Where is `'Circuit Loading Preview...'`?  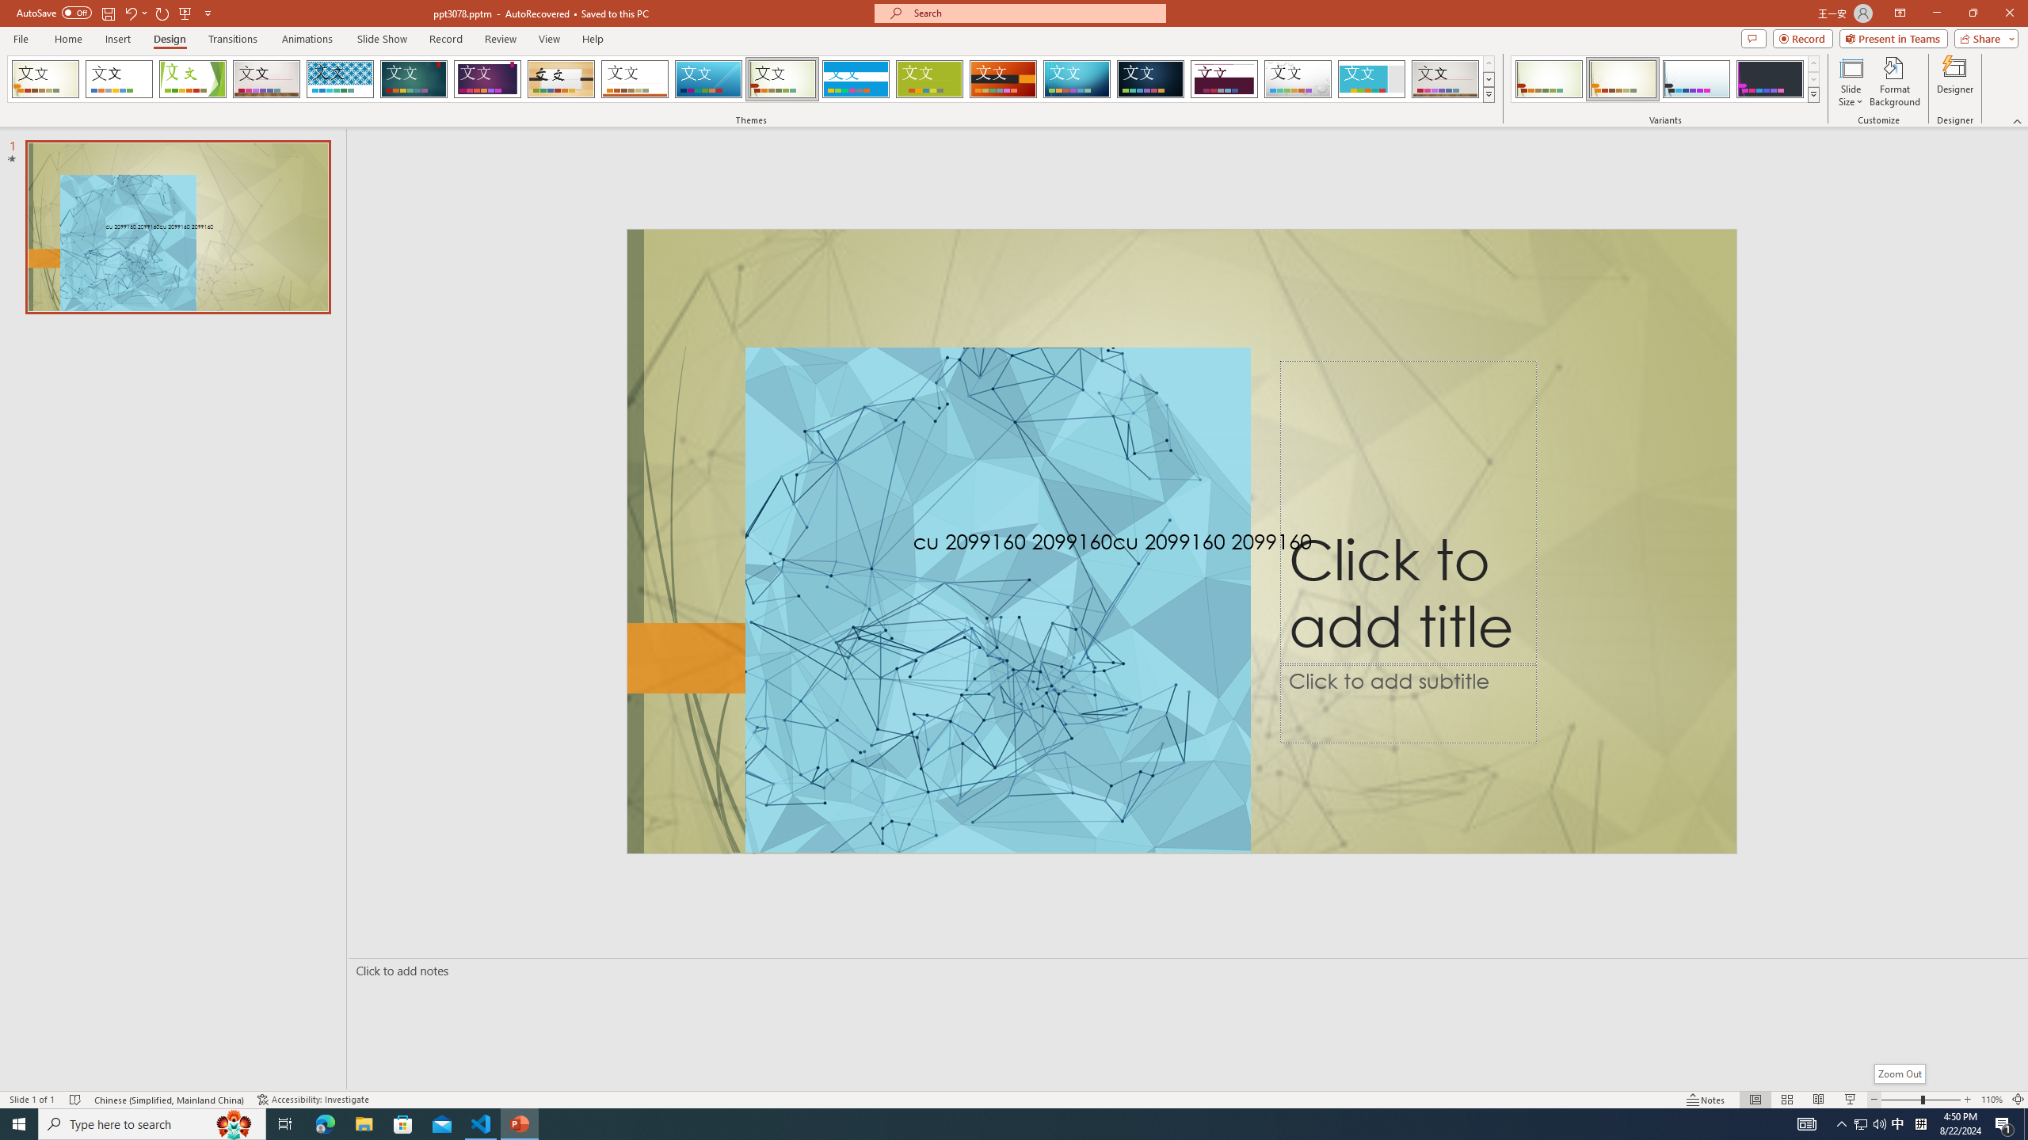
'Circuit Loading Preview...' is located at coordinates (1076, 78).